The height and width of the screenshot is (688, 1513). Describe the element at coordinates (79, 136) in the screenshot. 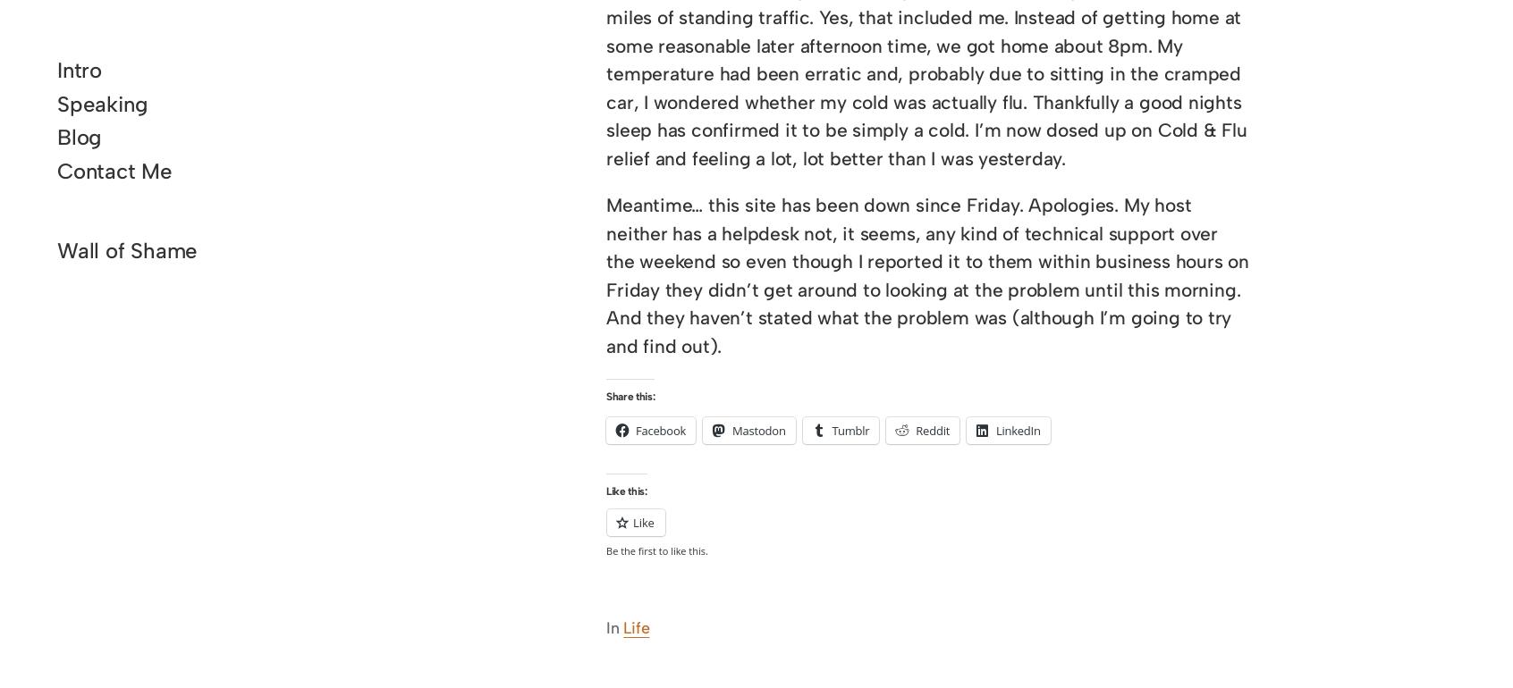

I see `'Blog'` at that location.